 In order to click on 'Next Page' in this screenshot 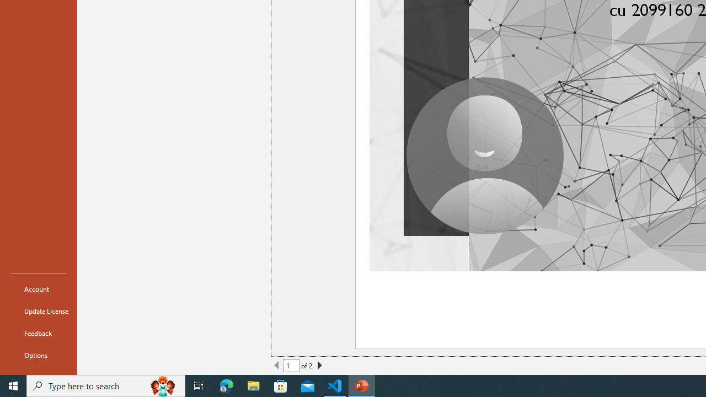, I will do `click(319, 366)`.